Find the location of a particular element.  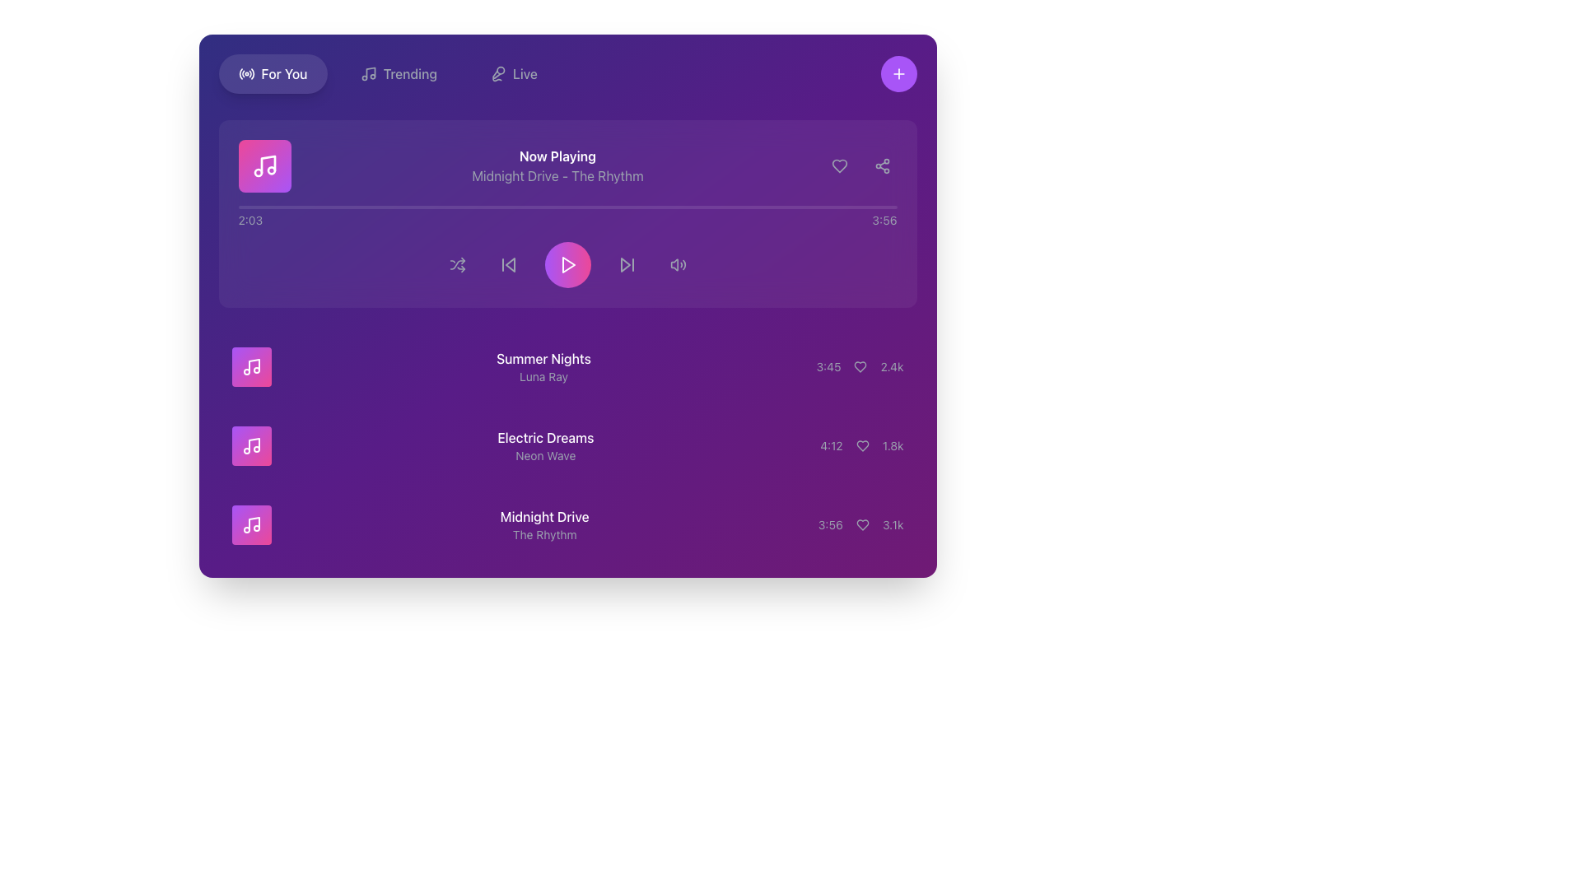

the text label indicating the number of likes, located next to the heart icon on the right side of the last row in the list is located at coordinates (892, 524).